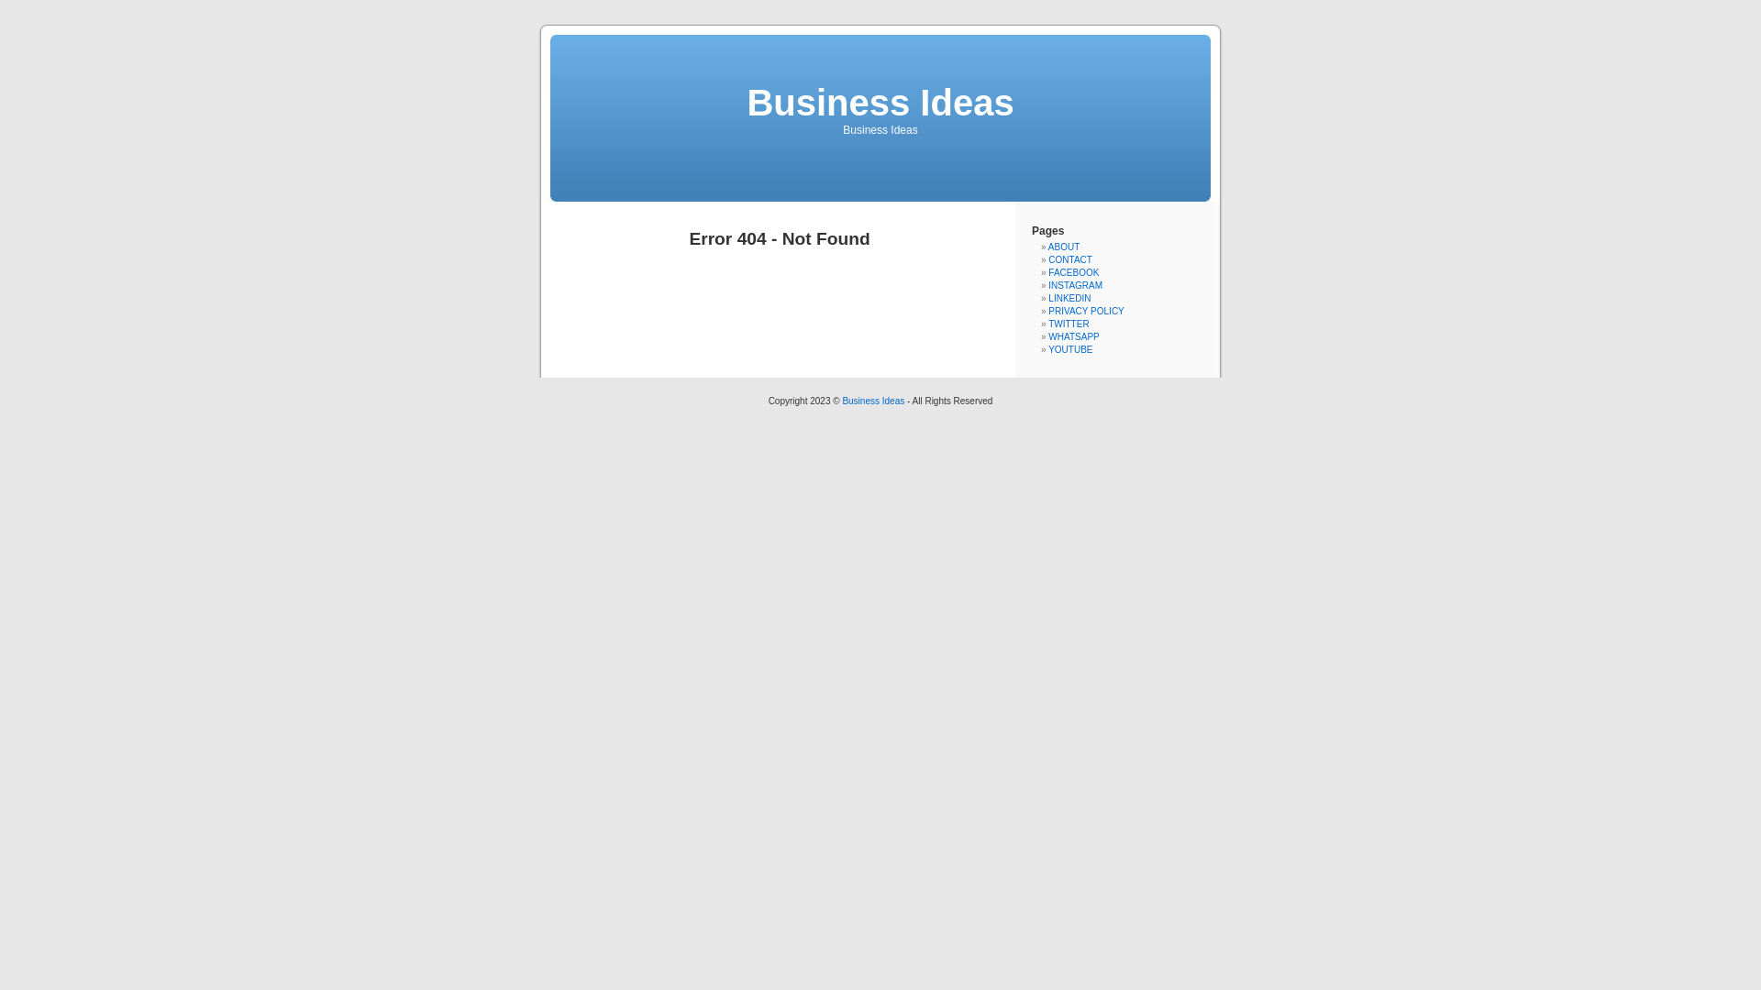 The width and height of the screenshot is (1761, 990). What do you see at coordinates (1069, 259) in the screenshot?
I see `'CONTACT'` at bounding box center [1069, 259].